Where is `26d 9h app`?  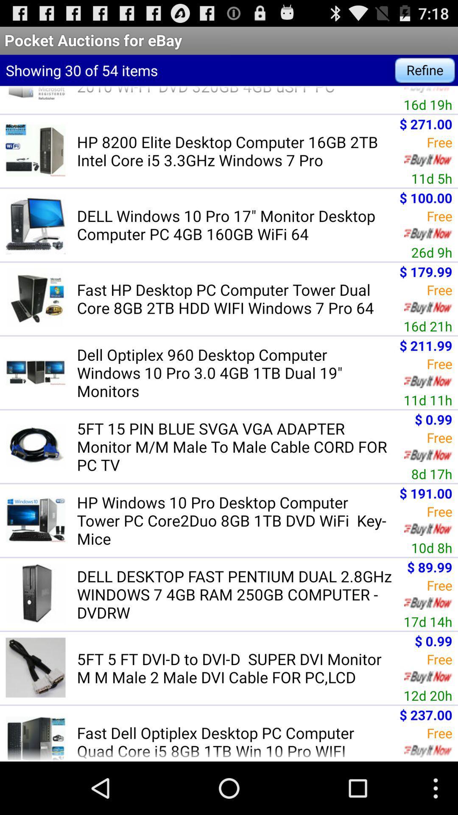
26d 9h app is located at coordinates (432, 252).